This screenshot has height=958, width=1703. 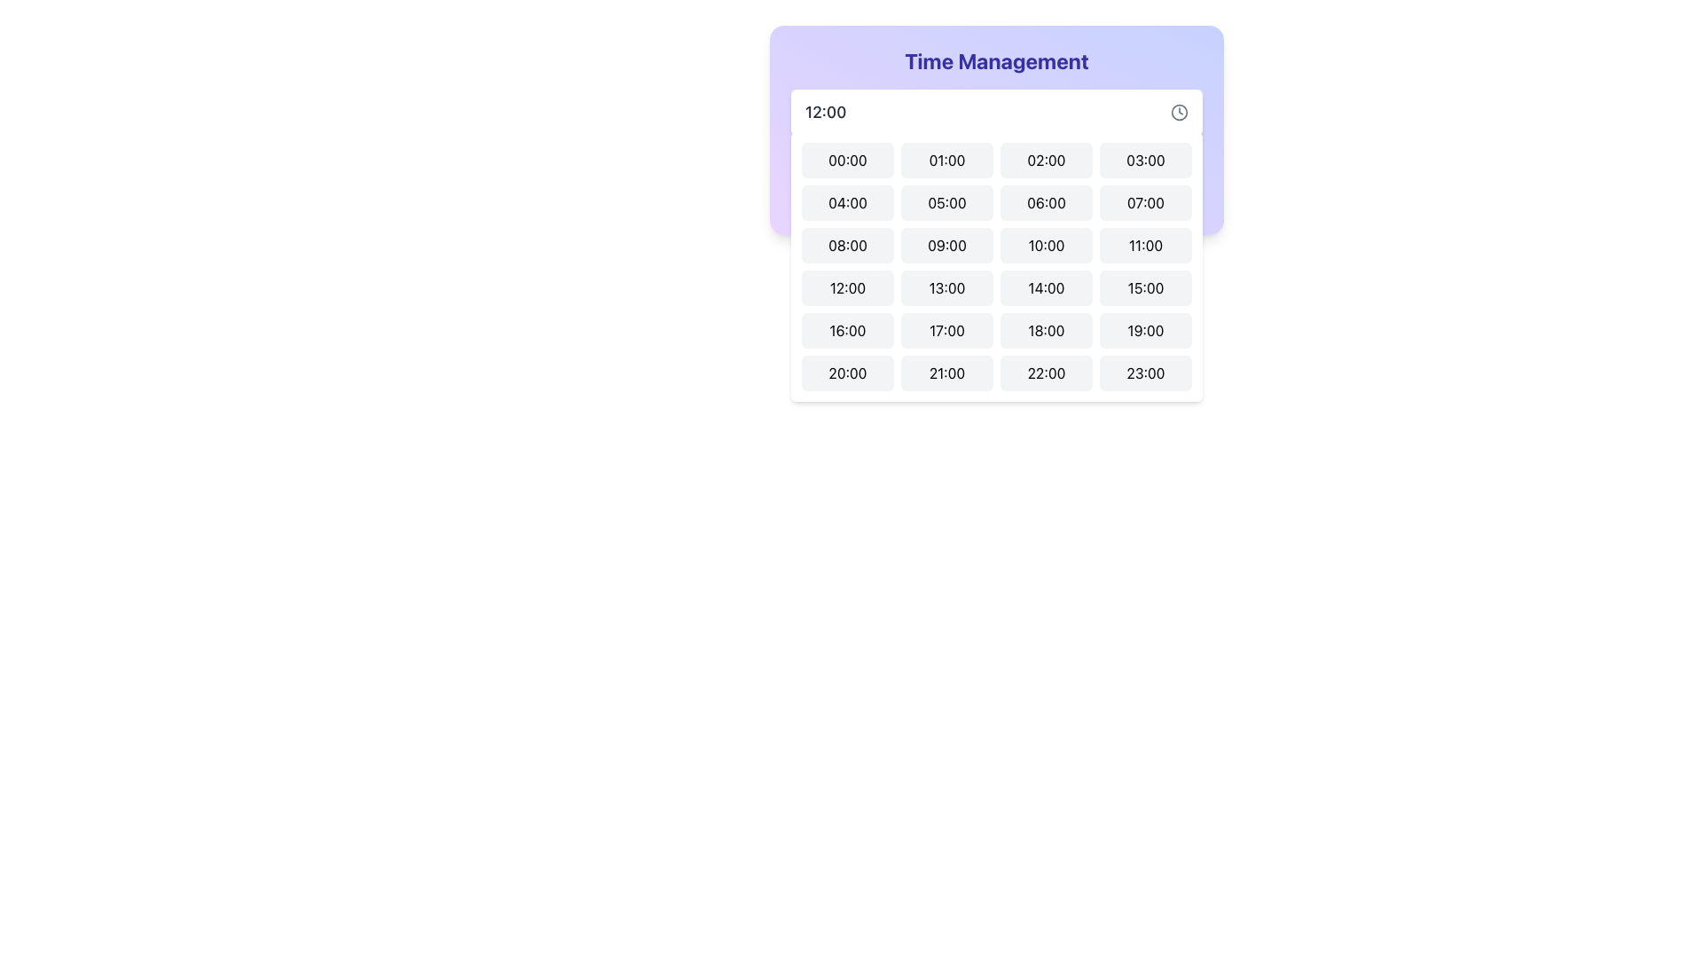 I want to click on the button labeled '02:00' located in the first row and third column of the grid, so click(x=1047, y=161).